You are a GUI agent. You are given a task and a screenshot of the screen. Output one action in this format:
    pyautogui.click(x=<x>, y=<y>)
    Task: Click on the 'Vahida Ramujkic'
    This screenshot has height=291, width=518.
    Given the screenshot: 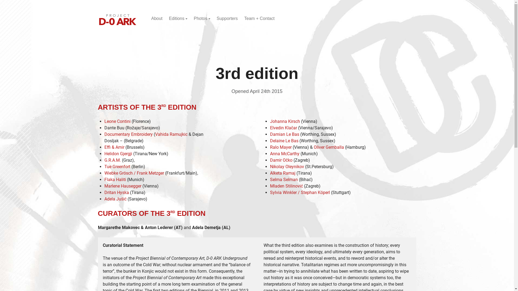 What is the action you would take?
    pyautogui.click(x=171, y=134)
    